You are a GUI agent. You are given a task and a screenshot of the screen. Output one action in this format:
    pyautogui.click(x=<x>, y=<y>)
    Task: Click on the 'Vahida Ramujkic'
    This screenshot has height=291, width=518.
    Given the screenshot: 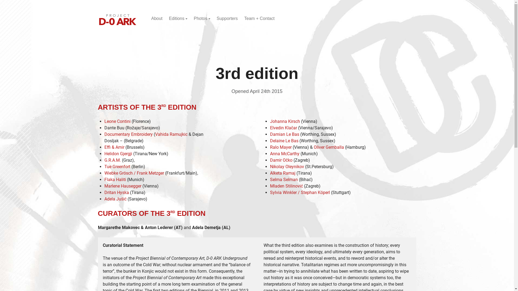 What is the action you would take?
    pyautogui.click(x=171, y=134)
    